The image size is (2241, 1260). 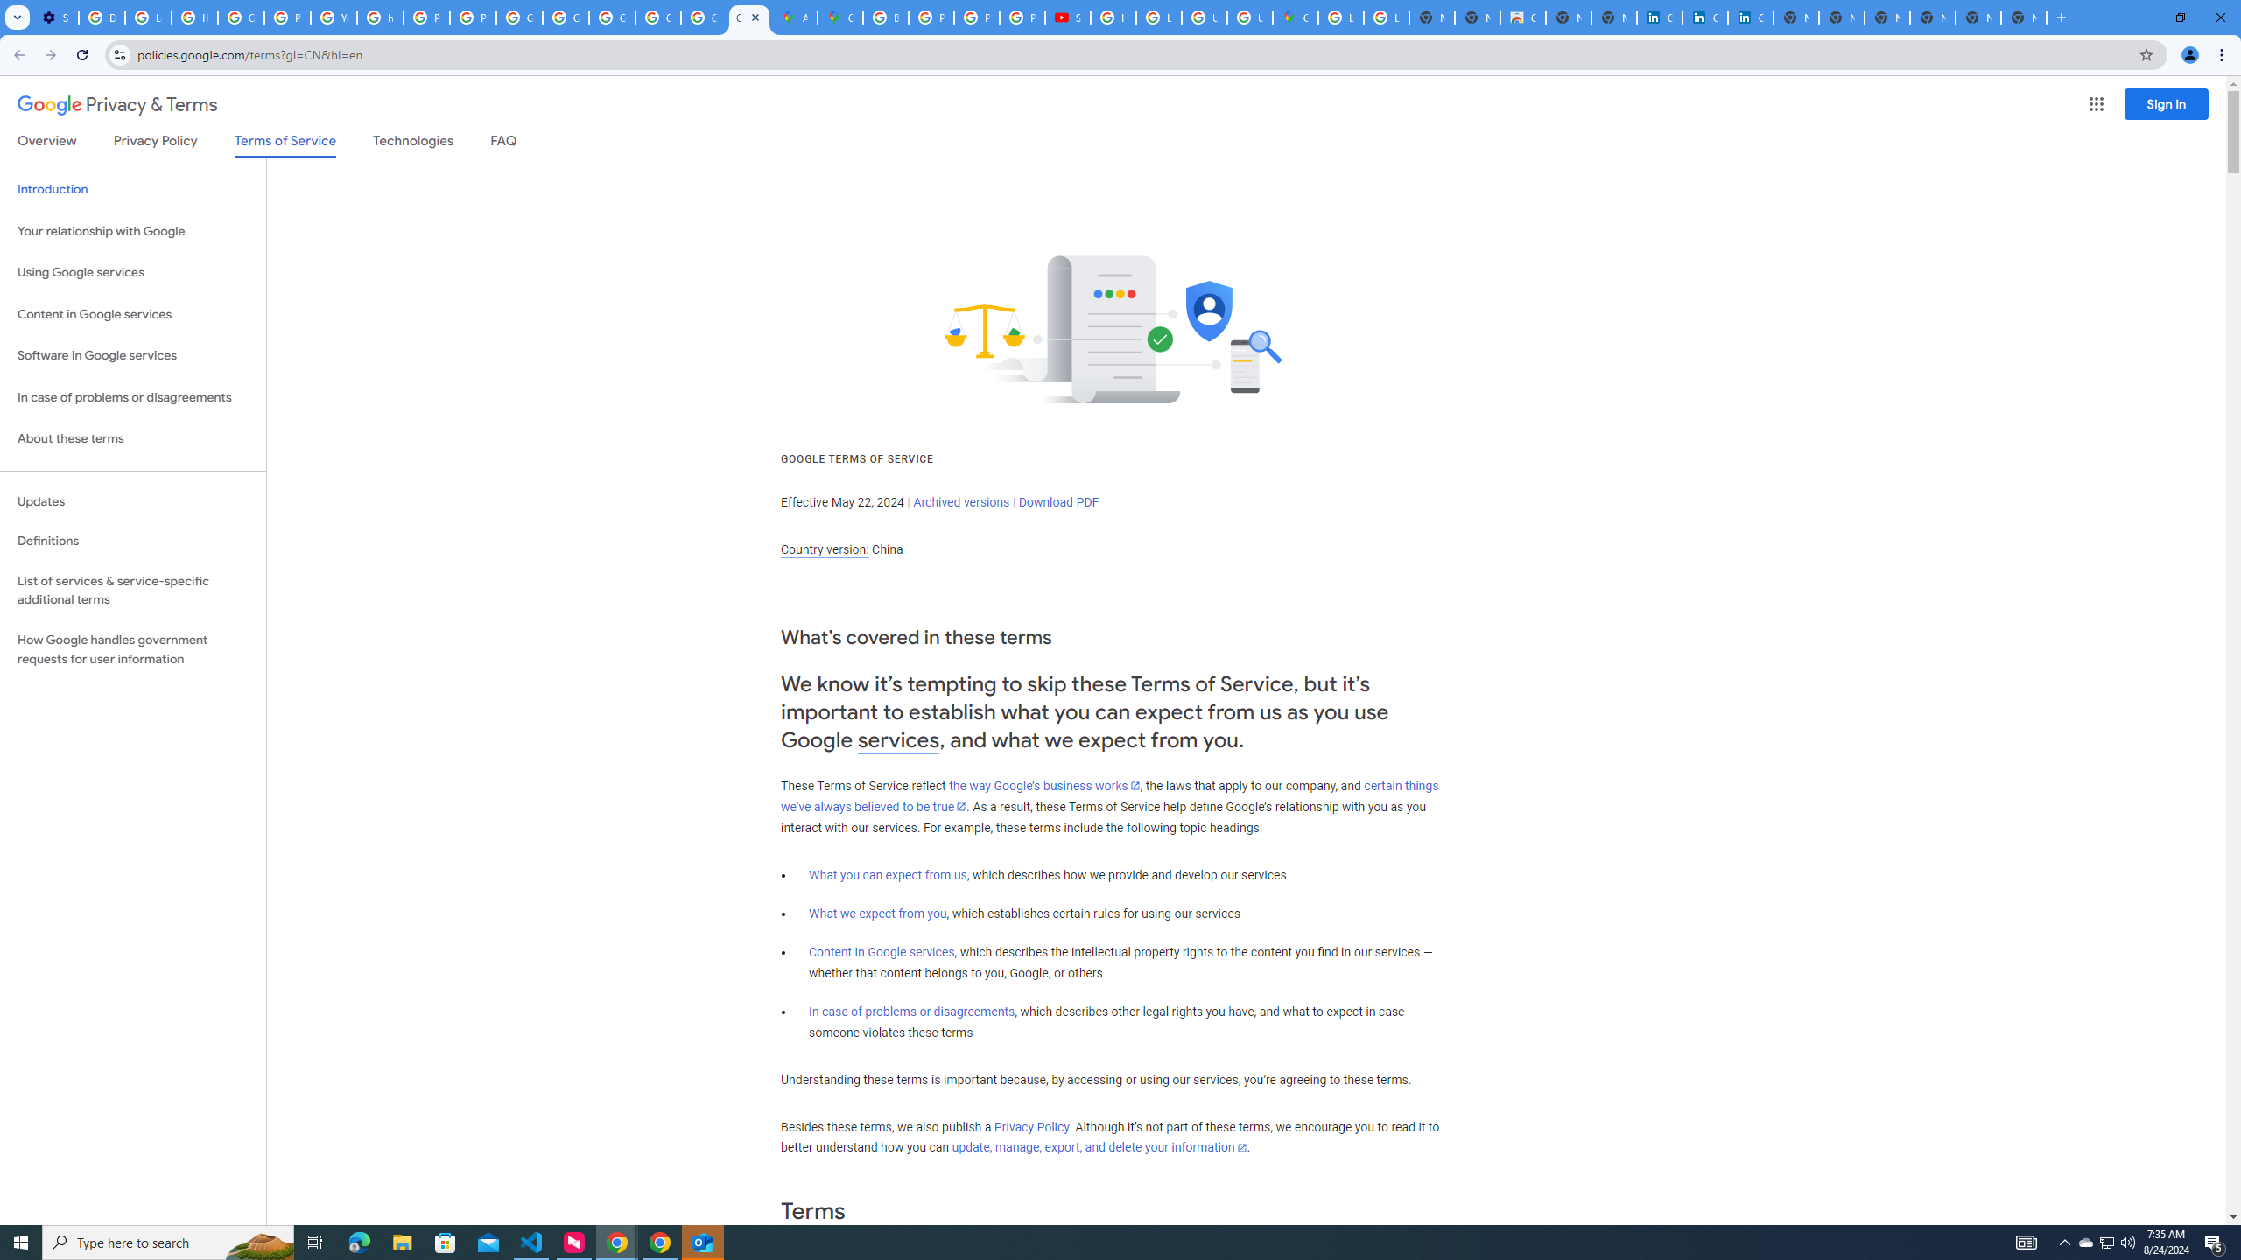 I want to click on 'Subscriptions - YouTube', so click(x=1066, y=17).